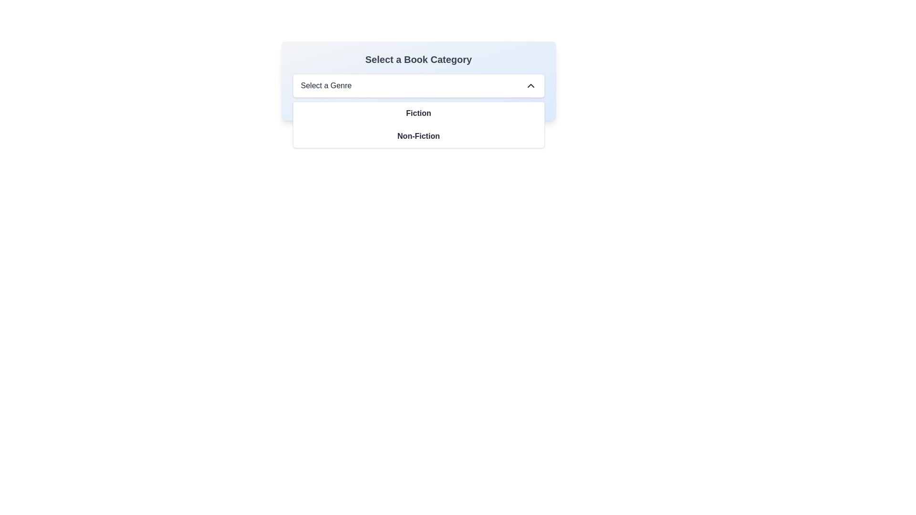 Image resolution: width=916 pixels, height=515 pixels. Describe the element at coordinates (418, 113) in the screenshot. I see `the first option in the 'Select a Genre' drop-down menu` at that location.